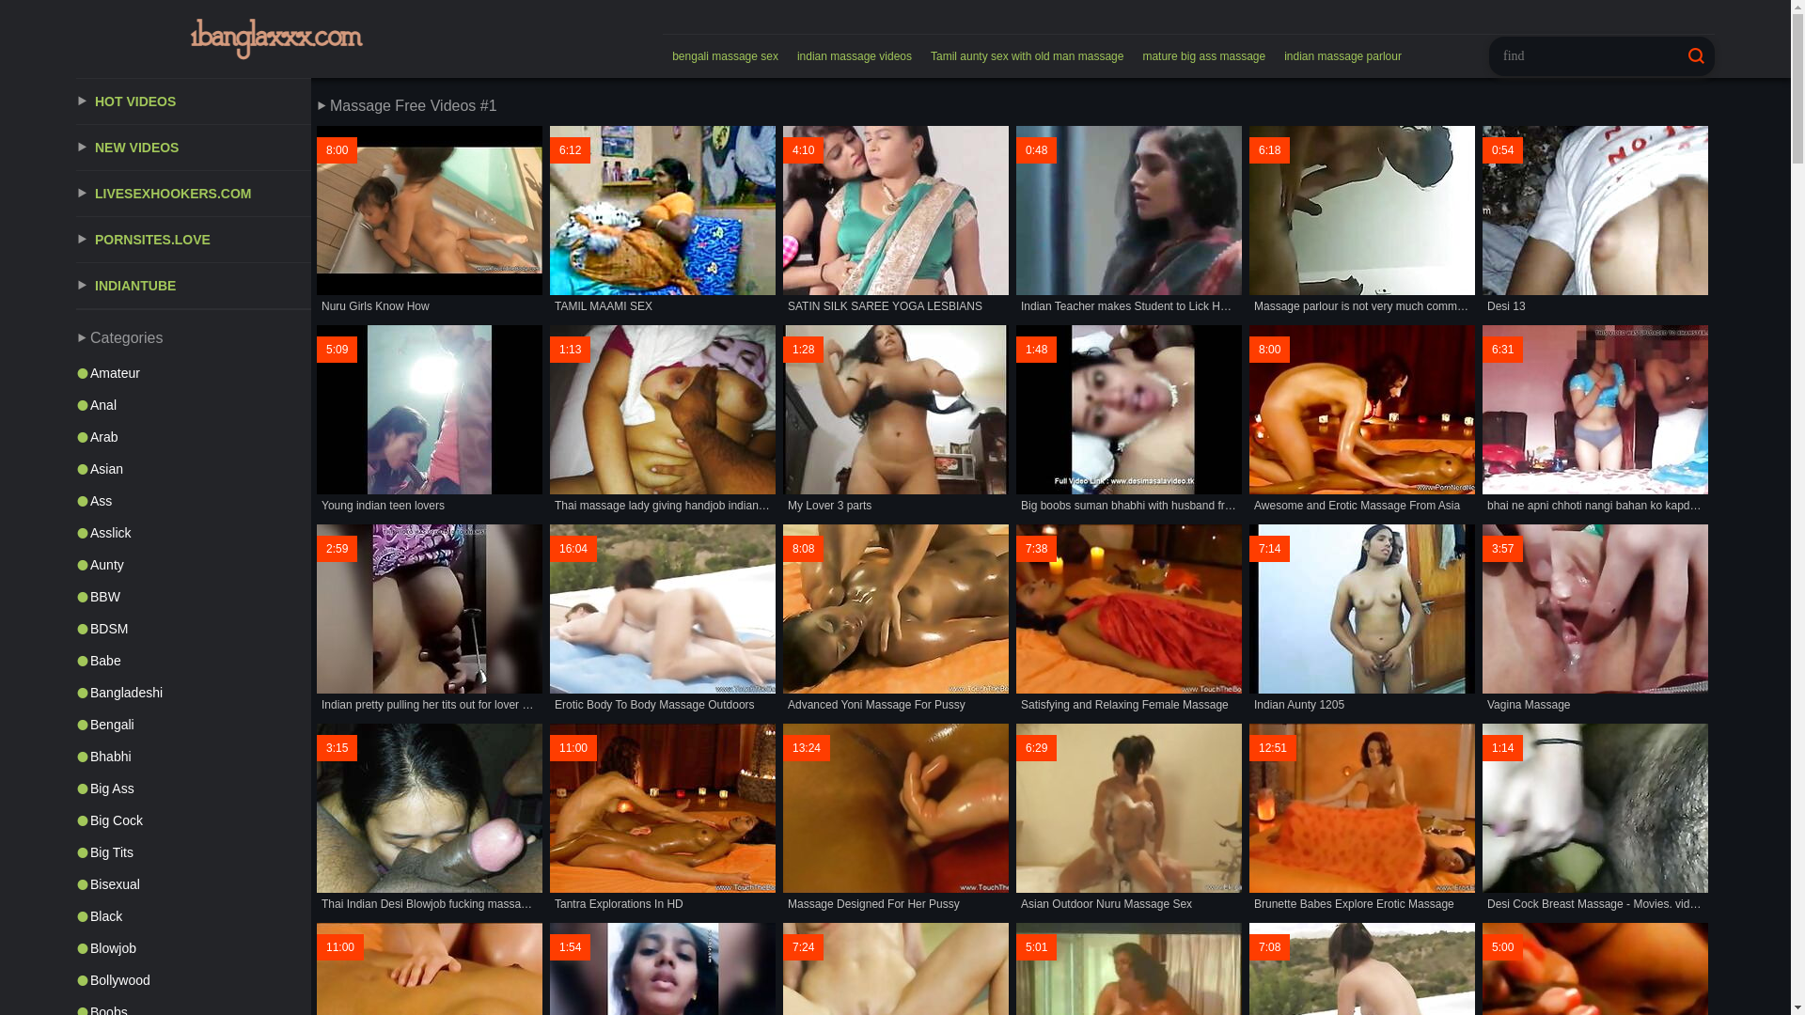 This screenshot has width=1805, height=1015. What do you see at coordinates (788, 55) in the screenshot?
I see `'indian massage videos'` at bounding box center [788, 55].